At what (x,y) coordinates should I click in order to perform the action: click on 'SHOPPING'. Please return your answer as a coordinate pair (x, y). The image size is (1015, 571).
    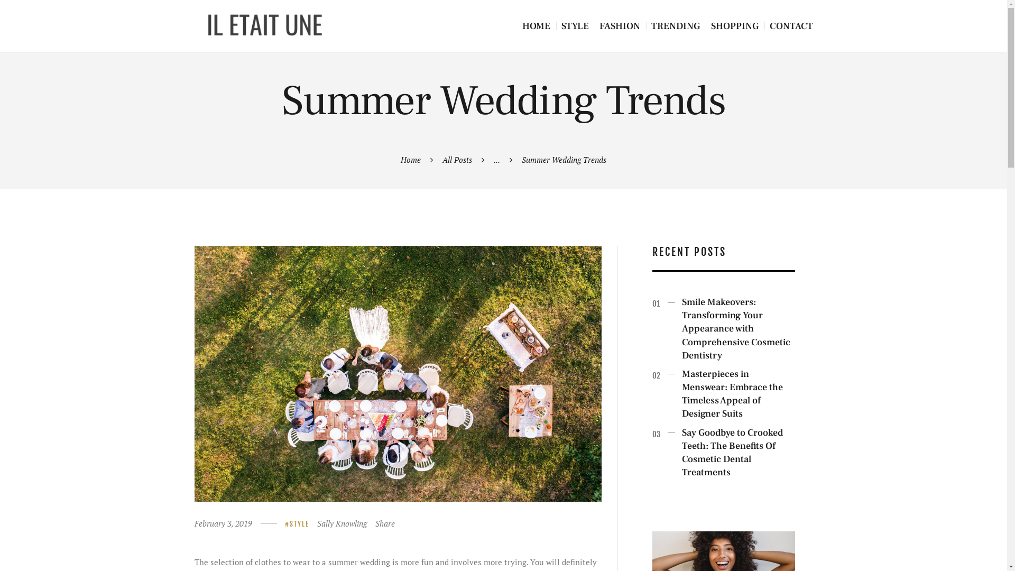
    Looking at the image, I should click on (734, 25).